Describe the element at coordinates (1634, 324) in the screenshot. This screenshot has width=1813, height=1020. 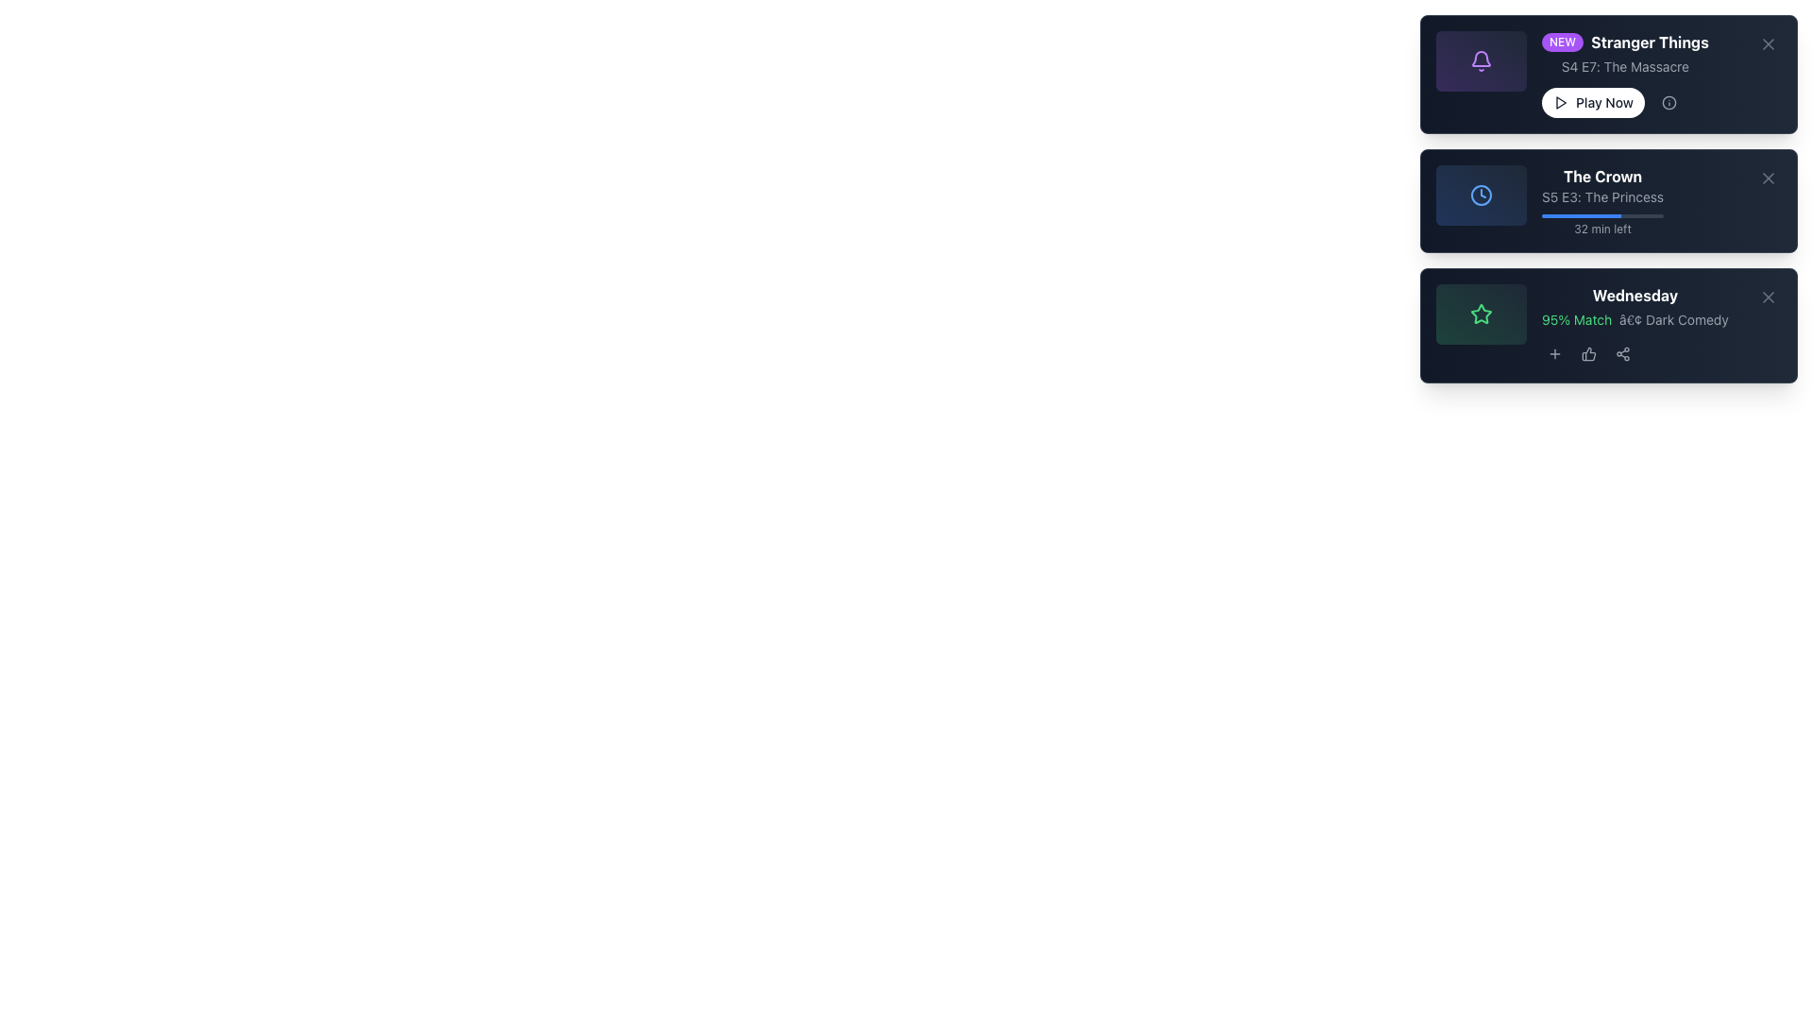
I see `the text label displaying 'Wednesday' with the information '95% Match • Dark Comedy', which is the third element in the TV shows list and located beside a green star` at that location.